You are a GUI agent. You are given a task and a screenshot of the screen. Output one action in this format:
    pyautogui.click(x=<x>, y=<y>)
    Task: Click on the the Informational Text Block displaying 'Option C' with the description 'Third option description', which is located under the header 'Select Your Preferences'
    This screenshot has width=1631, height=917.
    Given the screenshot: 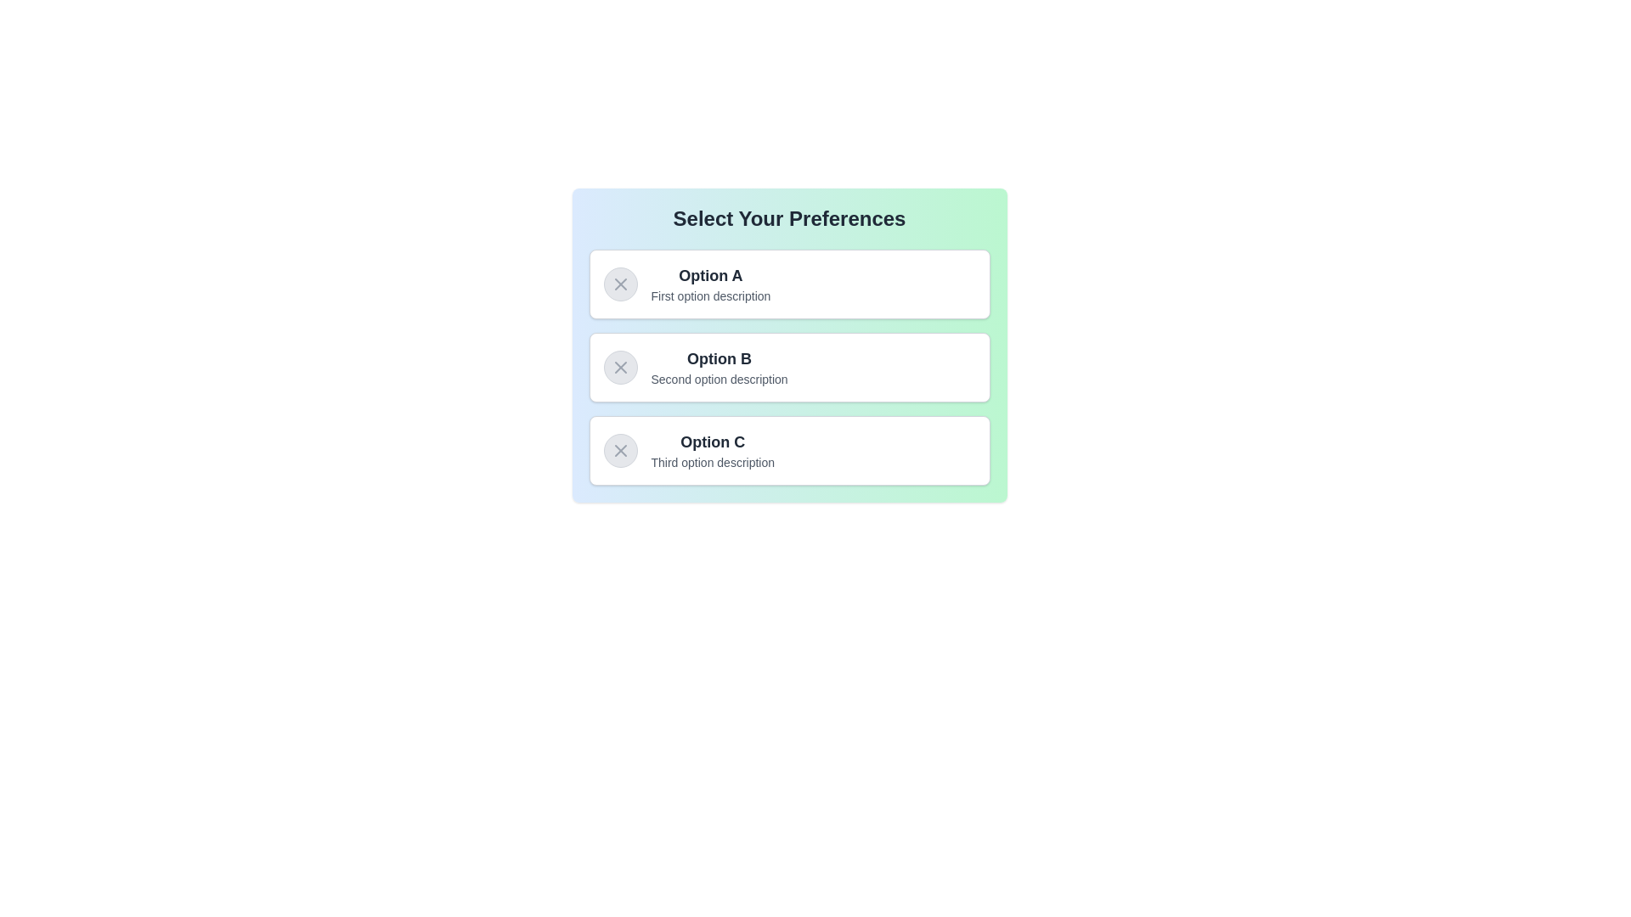 What is the action you would take?
    pyautogui.click(x=713, y=450)
    